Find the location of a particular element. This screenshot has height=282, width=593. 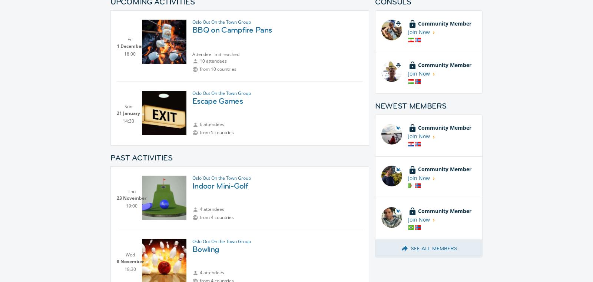

'Escape Games' is located at coordinates (217, 101).